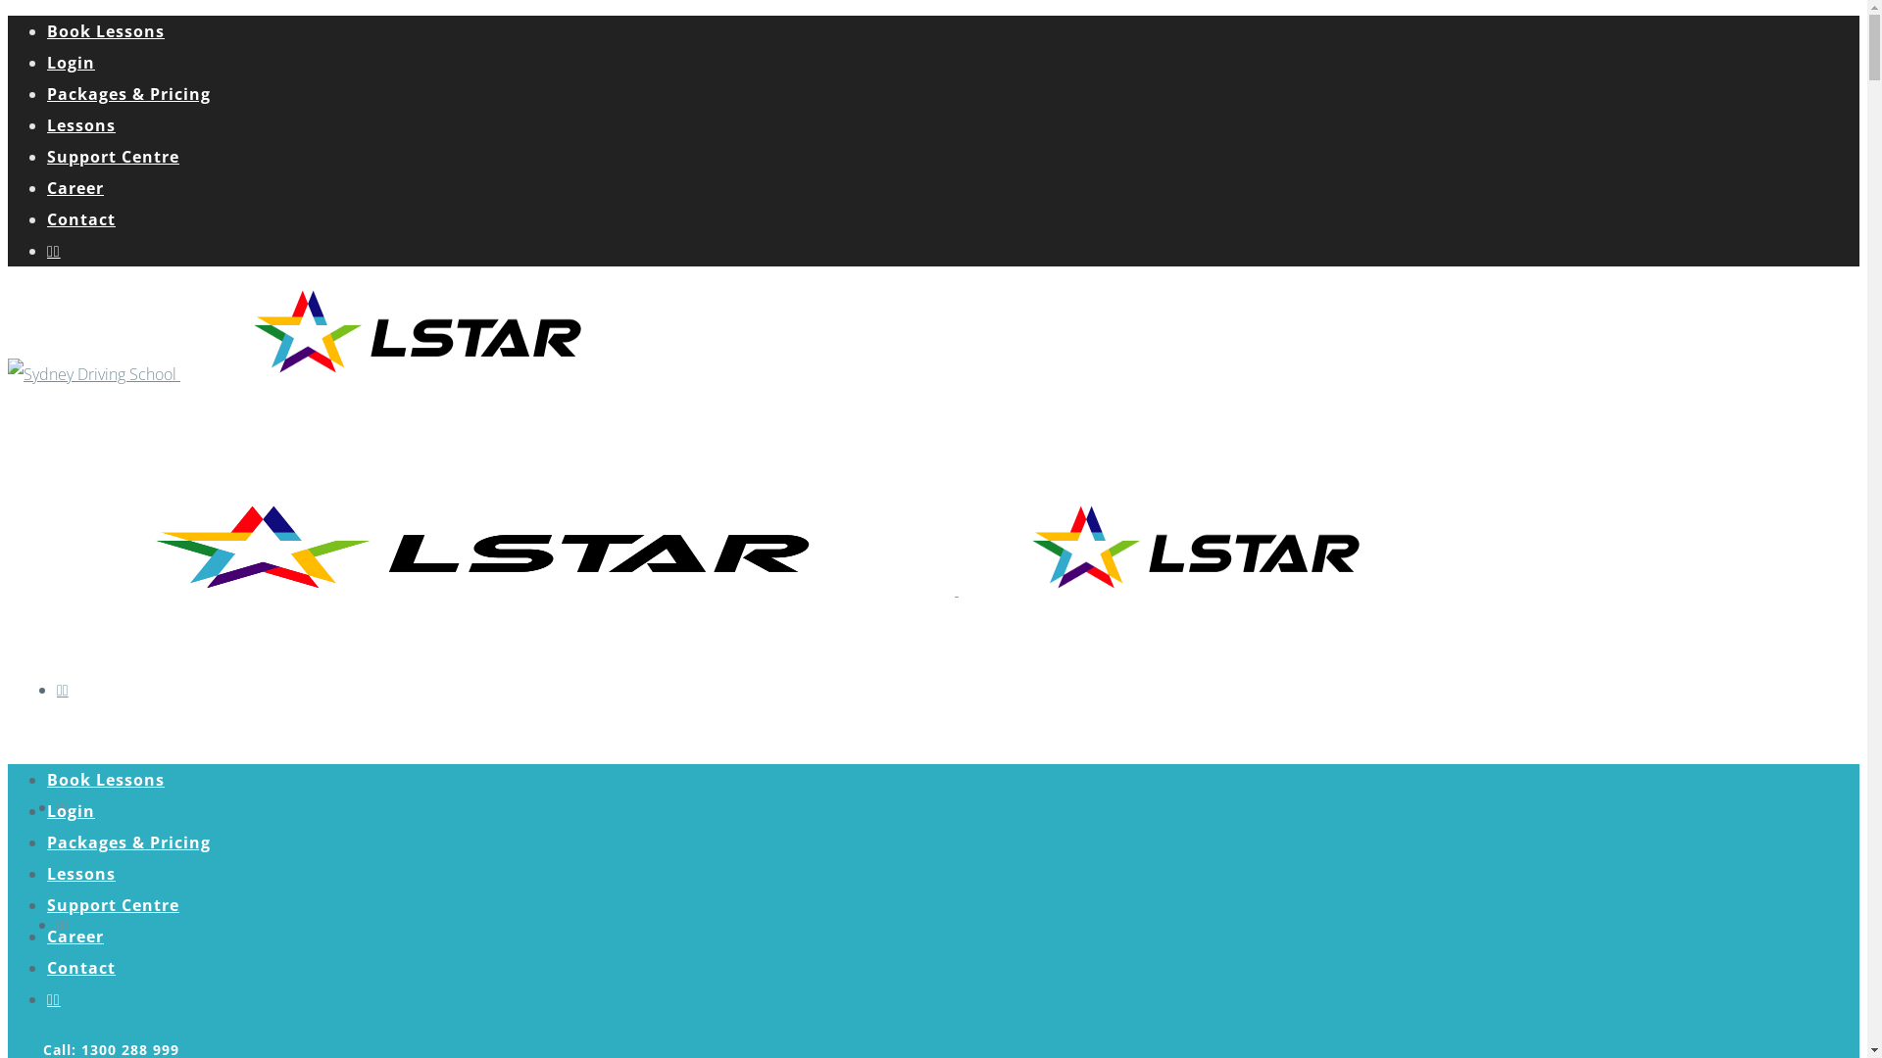  Describe the element at coordinates (104, 30) in the screenshot. I see `'Book Lessons'` at that location.